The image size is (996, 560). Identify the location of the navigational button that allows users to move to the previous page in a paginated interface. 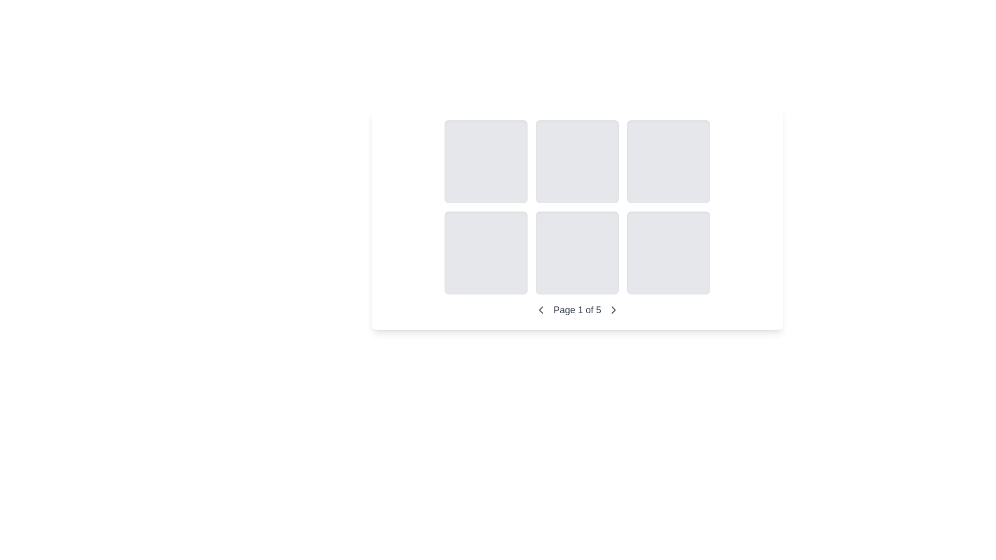
(540, 309).